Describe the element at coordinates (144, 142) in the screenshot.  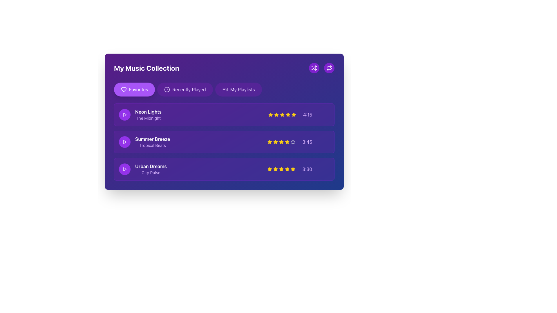
I see `the text display element representing the title and subtitle of a song or playlist in the 'My Music Collection' section` at that location.